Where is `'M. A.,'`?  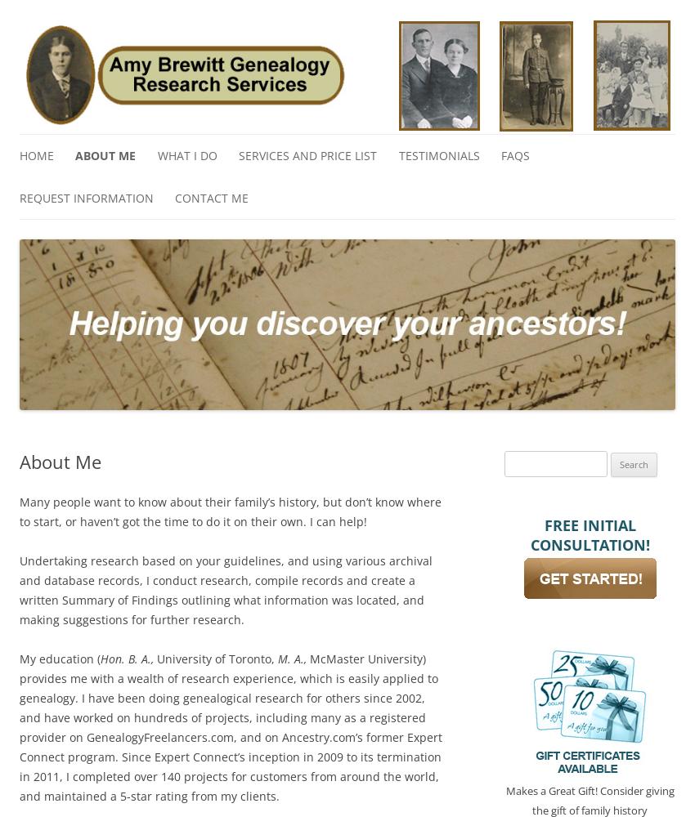 'M. A.,' is located at coordinates (291, 658).